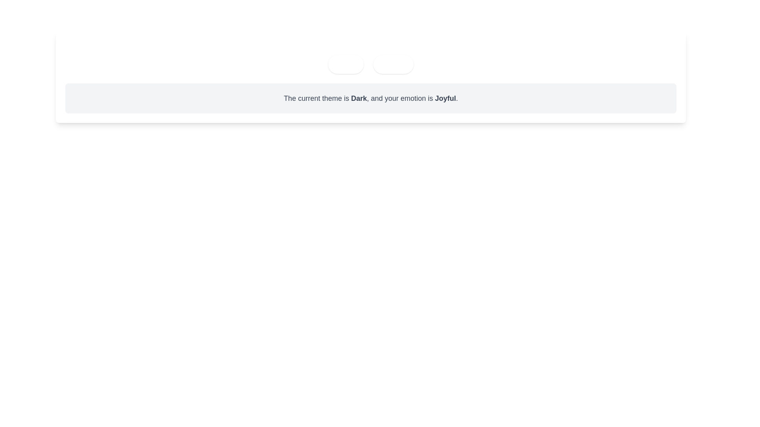  I want to click on the button group consisting of a blue 'Dark' button and a green 'Happy' button, so click(370, 64).